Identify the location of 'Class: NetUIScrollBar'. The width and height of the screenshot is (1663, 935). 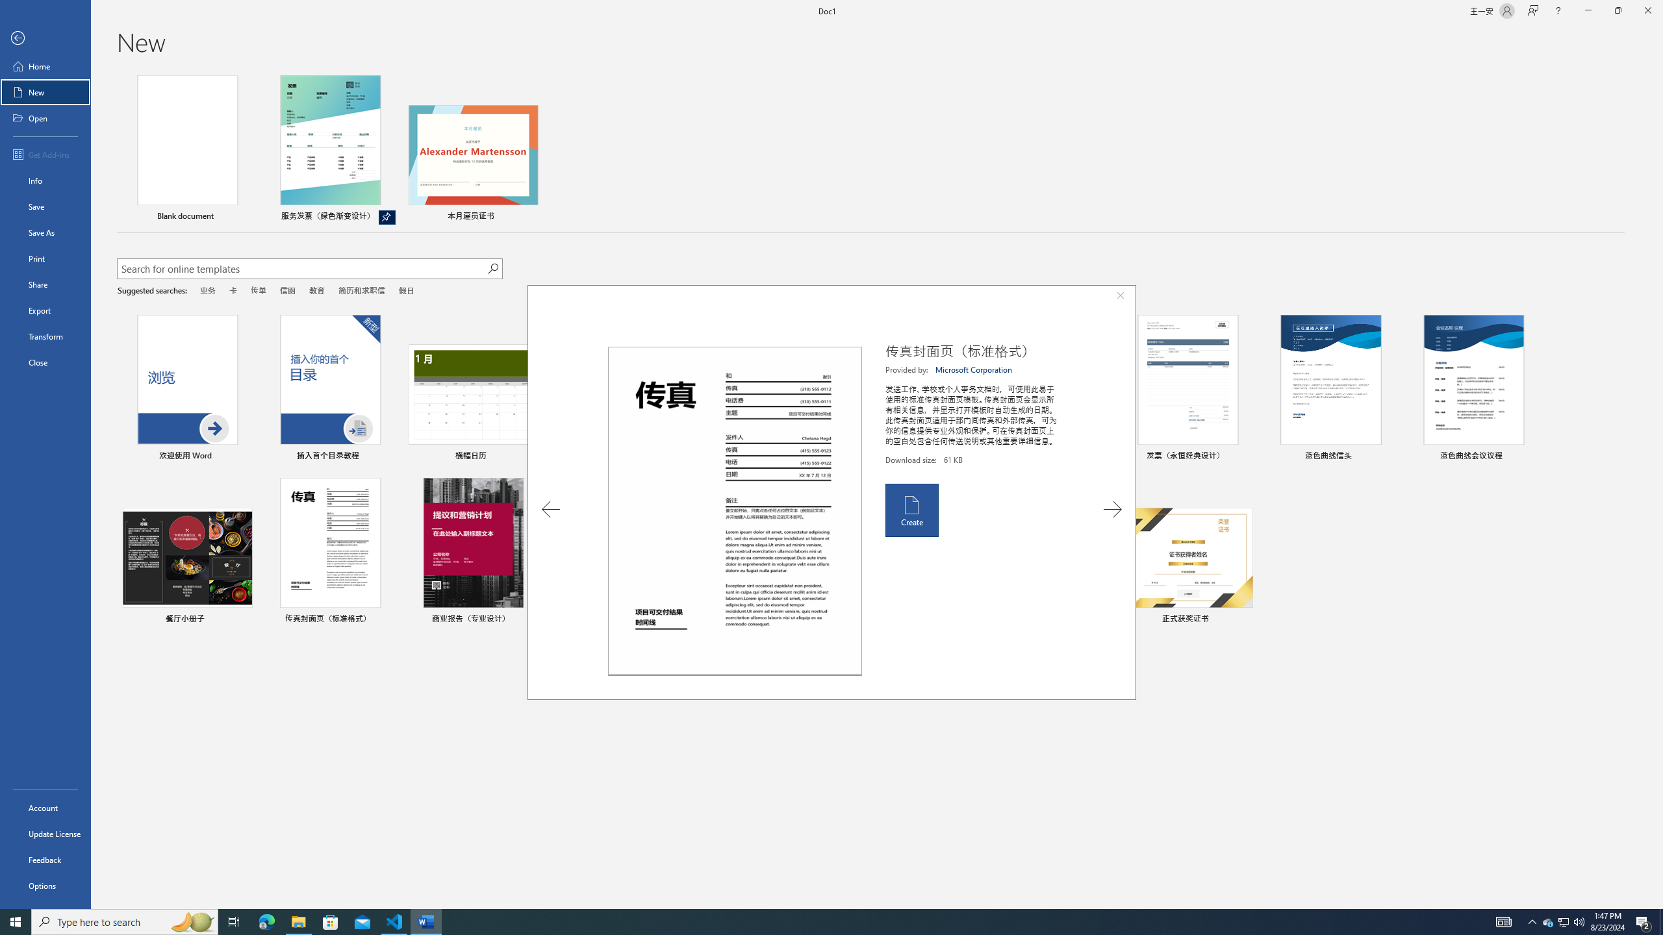
(1657, 488).